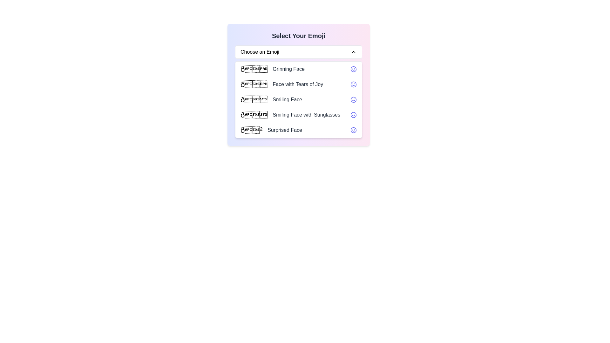 This screenshot has height=343, width=610. Describe the element at coordinates (272, 69) in the screenshot. I see `the first list item displaying the 'Grinning Face' emoji and the text 'Grinning Face' in a dropdown selection interface` at that location.